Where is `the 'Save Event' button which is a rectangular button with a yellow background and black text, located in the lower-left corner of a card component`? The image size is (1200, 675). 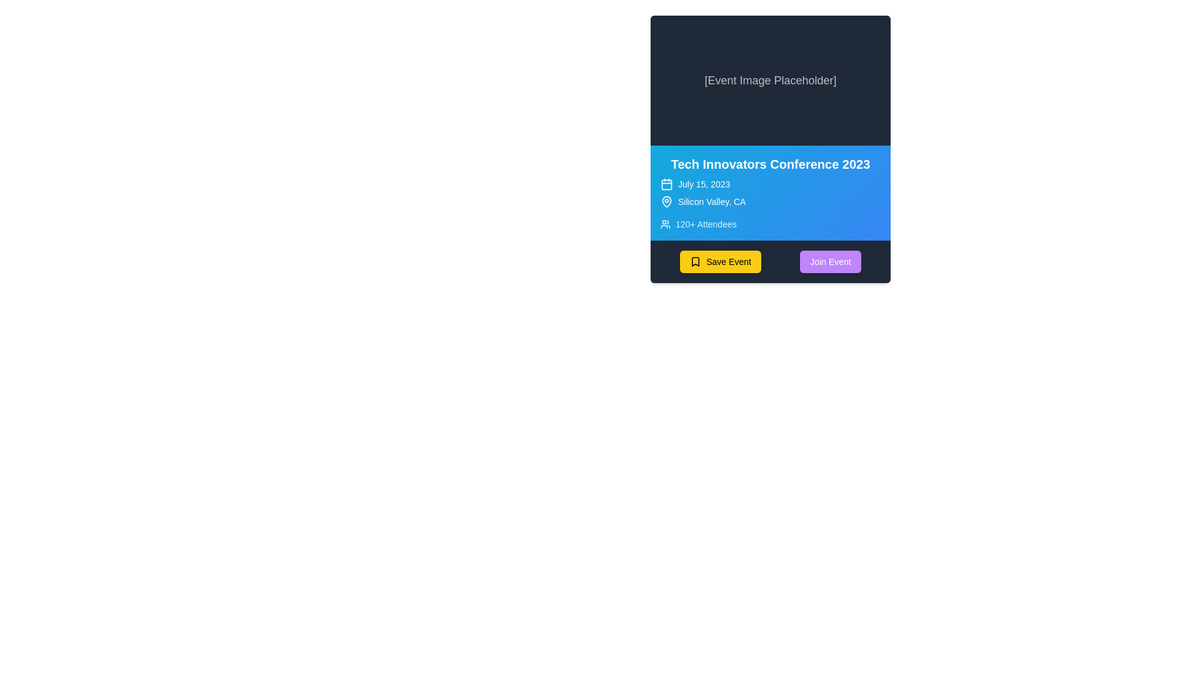 the 'Save Event' button which is a rectangular button with a yellow background and black text, located in the lower-left corner of a card component is located at coordinates (720, 261).